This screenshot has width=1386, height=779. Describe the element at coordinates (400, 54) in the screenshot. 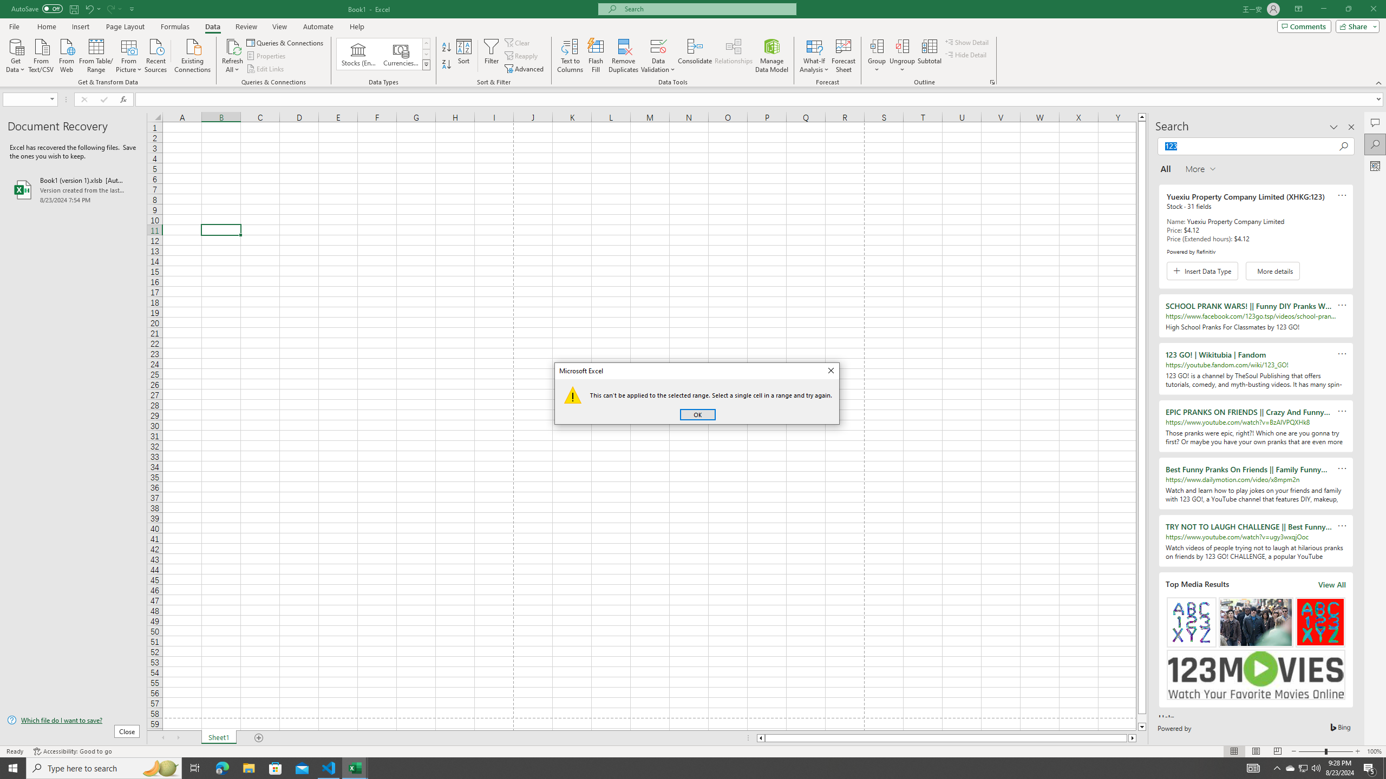

I see `'Currencies (English)'` at that location.